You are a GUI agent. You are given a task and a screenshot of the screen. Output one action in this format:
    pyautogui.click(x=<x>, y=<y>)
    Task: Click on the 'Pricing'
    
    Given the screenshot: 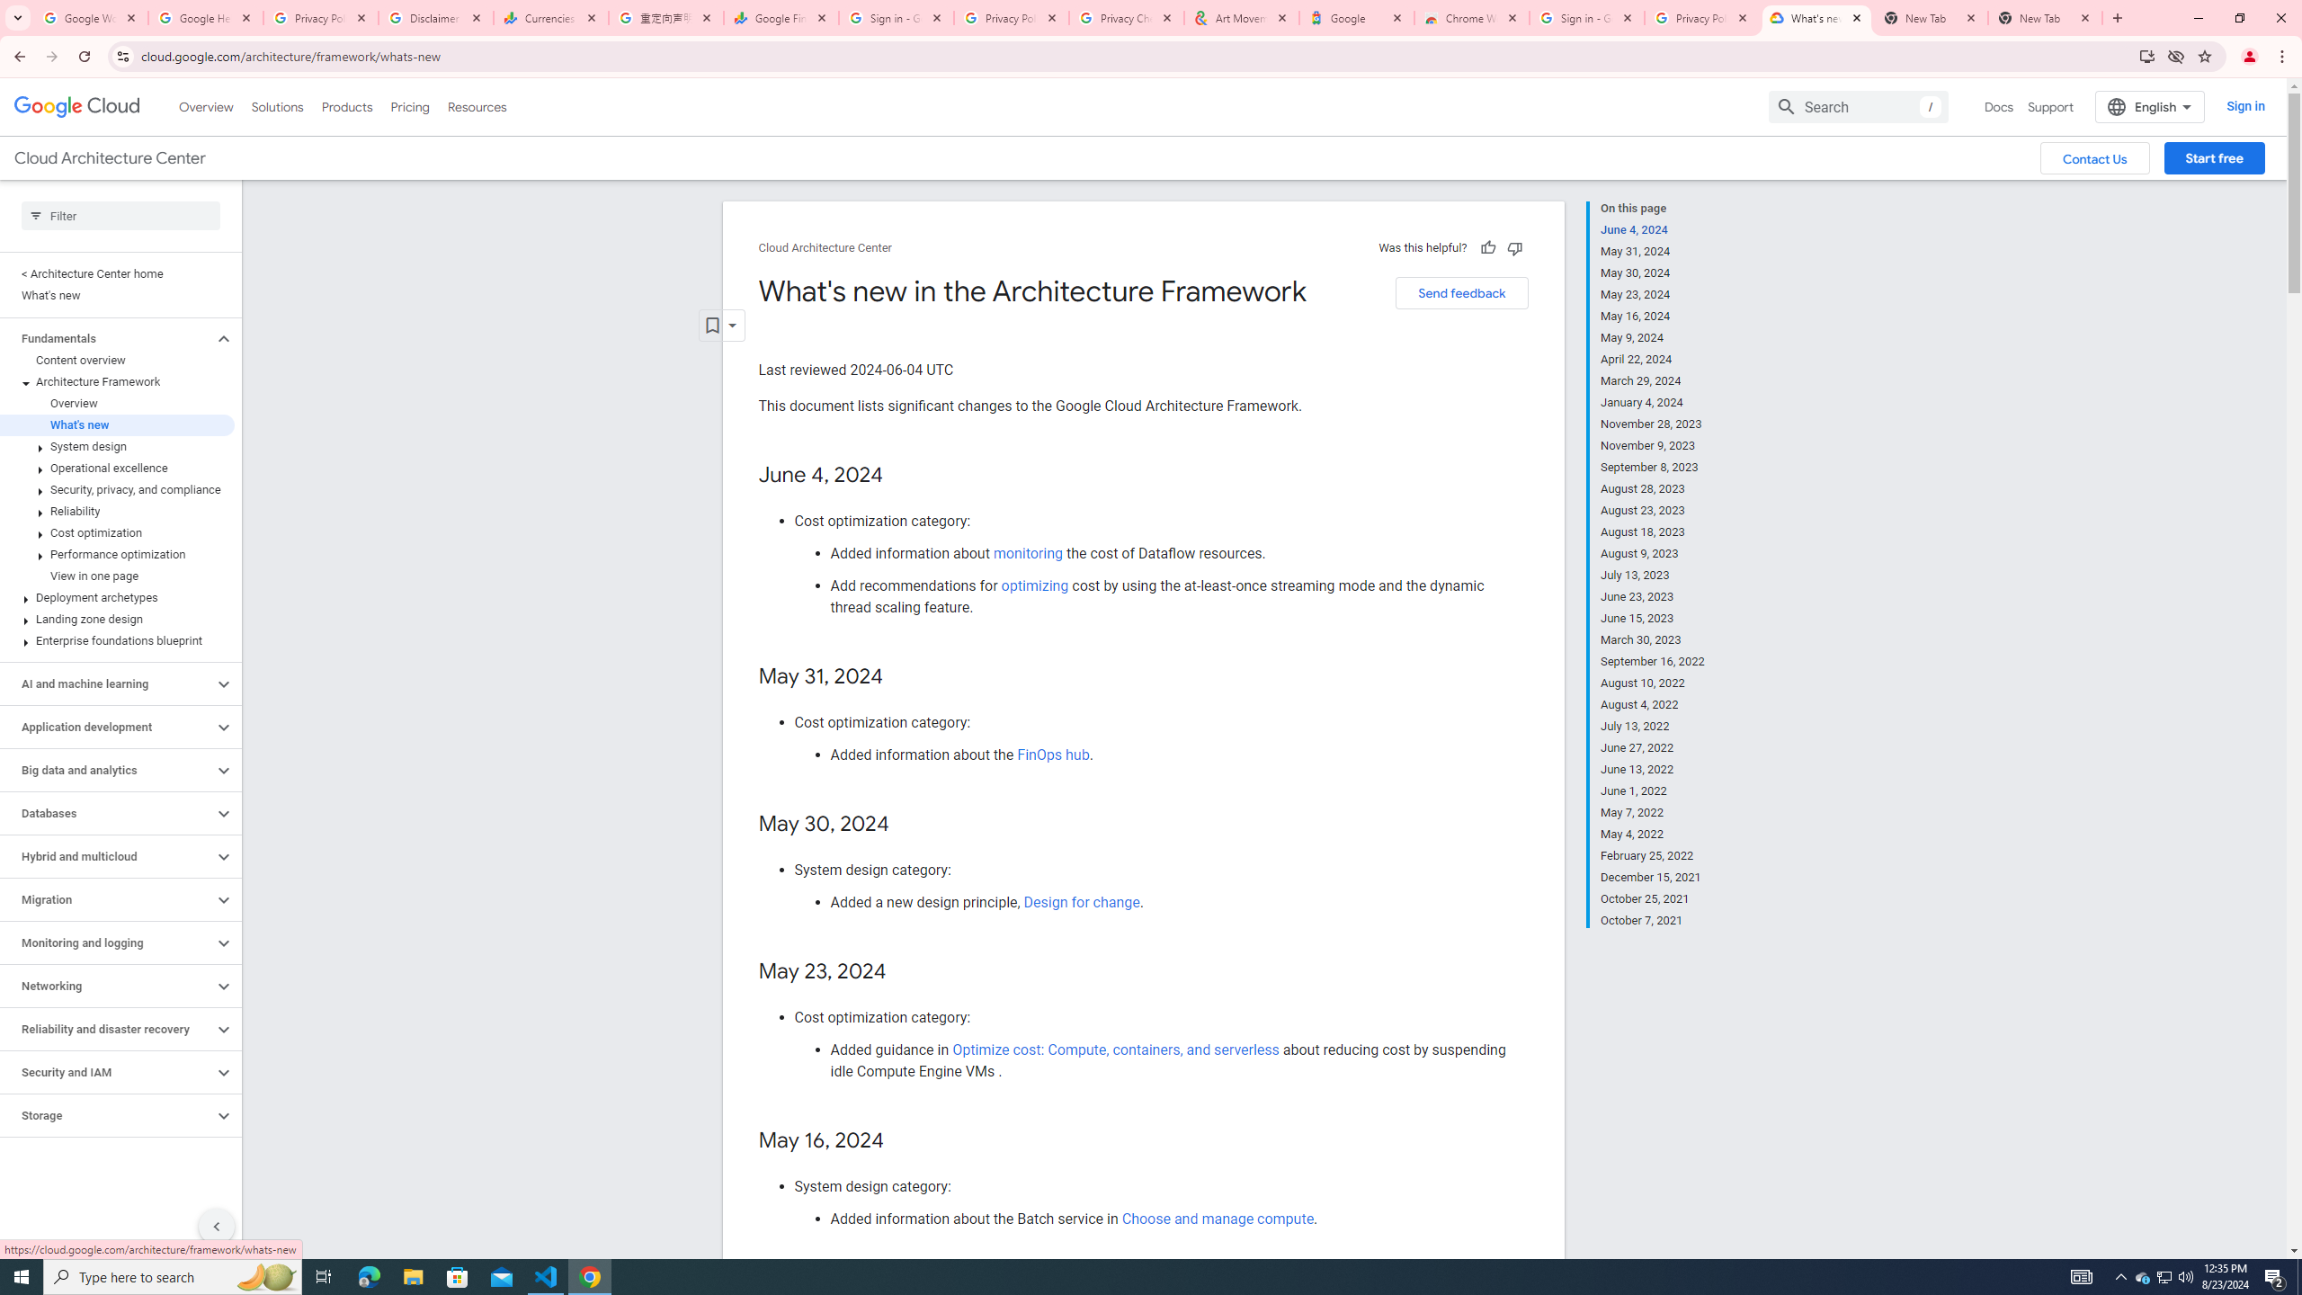 What is the action you would take?
    pyautogui.click(x=410, y=106)
    